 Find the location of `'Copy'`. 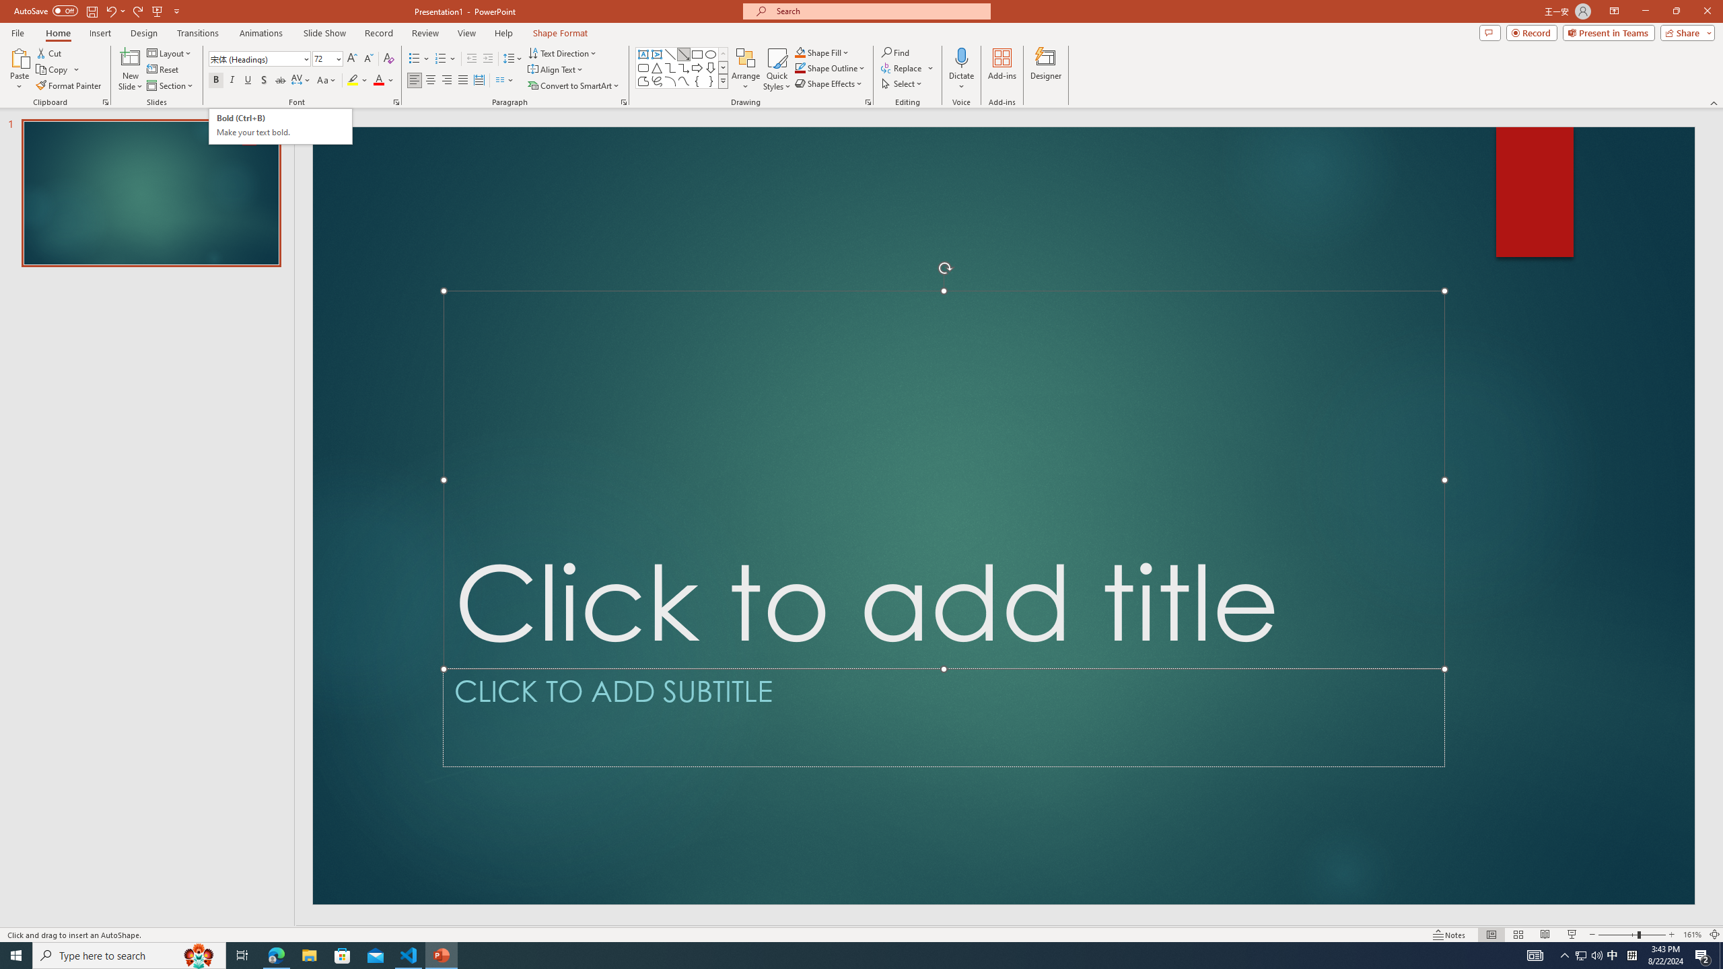

'Copy' is located at coordinates (52, 69).